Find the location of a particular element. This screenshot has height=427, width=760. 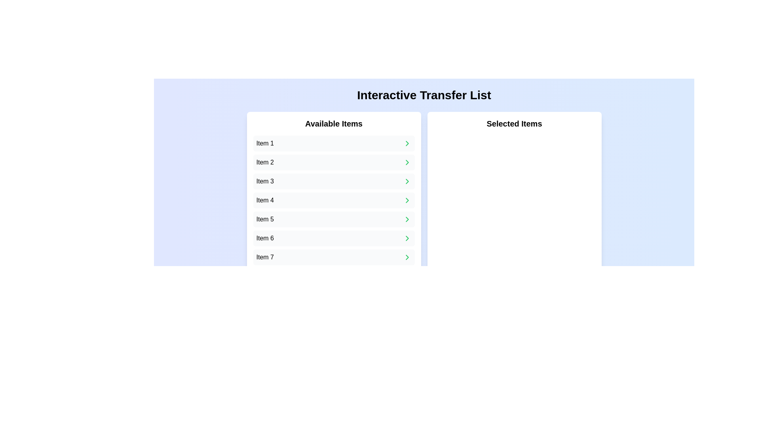

the text label displaying 'Item 5' in the vertical list under 'Available Items' is located at coordinates (265, 219).